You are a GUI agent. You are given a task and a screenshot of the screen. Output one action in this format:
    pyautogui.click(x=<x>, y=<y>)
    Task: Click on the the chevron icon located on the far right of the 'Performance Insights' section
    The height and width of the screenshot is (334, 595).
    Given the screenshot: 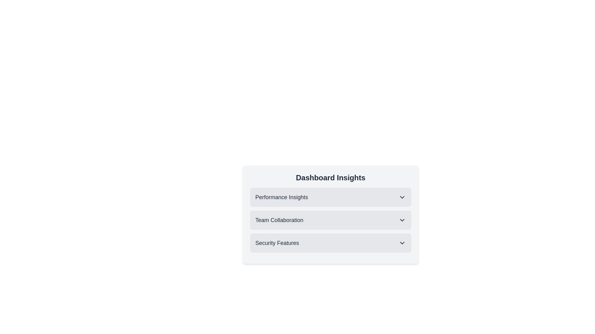 What is the action you would take?
    pyautogui.click(x=402, y=197)
    